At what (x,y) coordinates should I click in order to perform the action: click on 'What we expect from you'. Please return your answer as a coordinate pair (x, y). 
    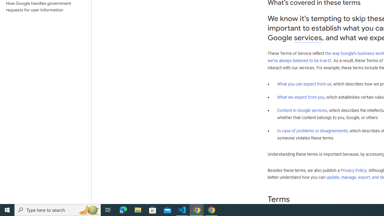
    Looking at the image, I should click on (301, 97).